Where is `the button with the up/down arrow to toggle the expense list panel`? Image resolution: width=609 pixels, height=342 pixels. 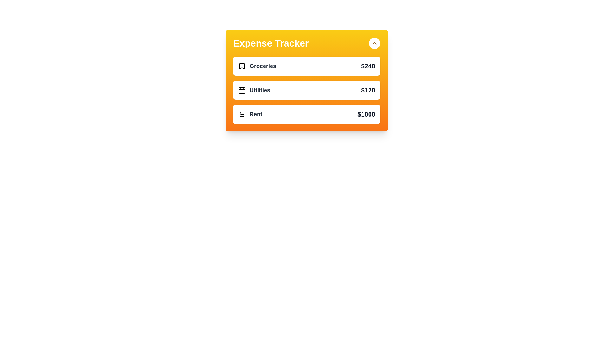
the button with the up/down arrow to toggle the expense list panel is located at coordinates (374, 43).